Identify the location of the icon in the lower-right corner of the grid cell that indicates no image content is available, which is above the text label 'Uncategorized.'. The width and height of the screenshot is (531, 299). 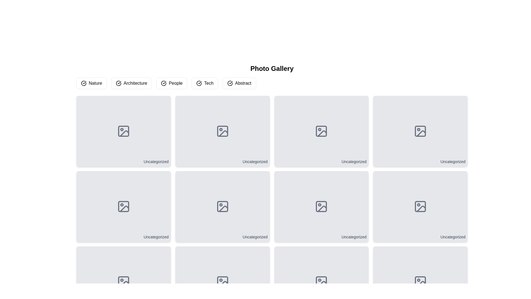
(123, 282).